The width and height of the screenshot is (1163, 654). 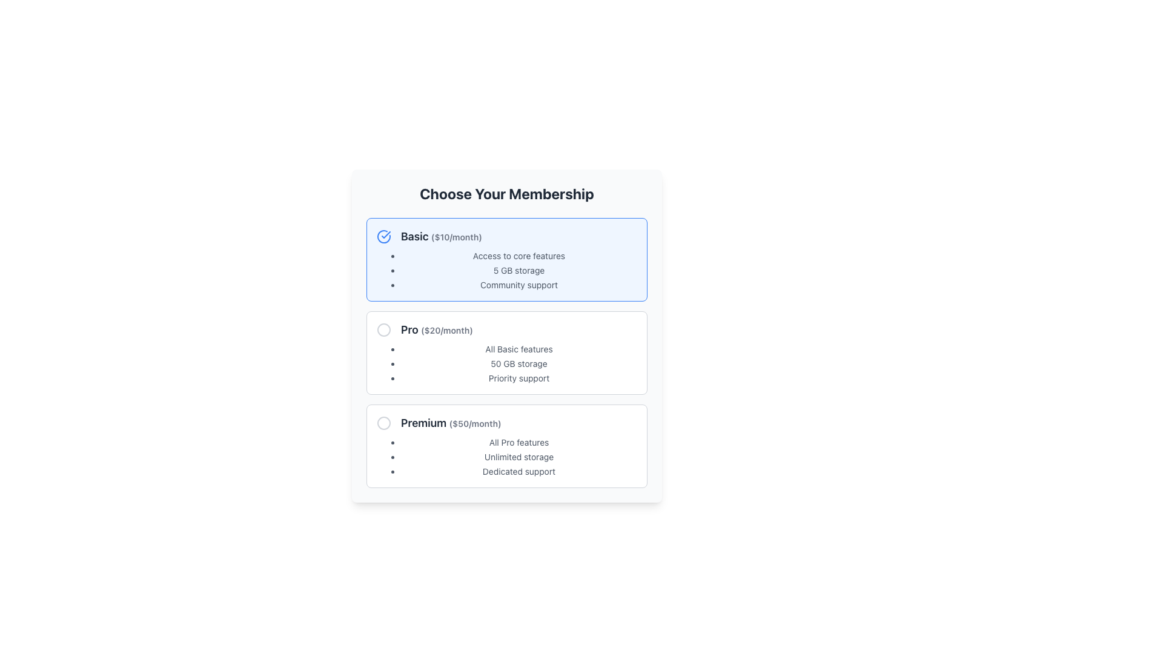 What do you see at coordinates (436, 329) in the screenshot?
I see `the bold text label reading 'Pro ($20/month)' which is located in the middle option of the membership selection list` at bounding box center [436, 329].